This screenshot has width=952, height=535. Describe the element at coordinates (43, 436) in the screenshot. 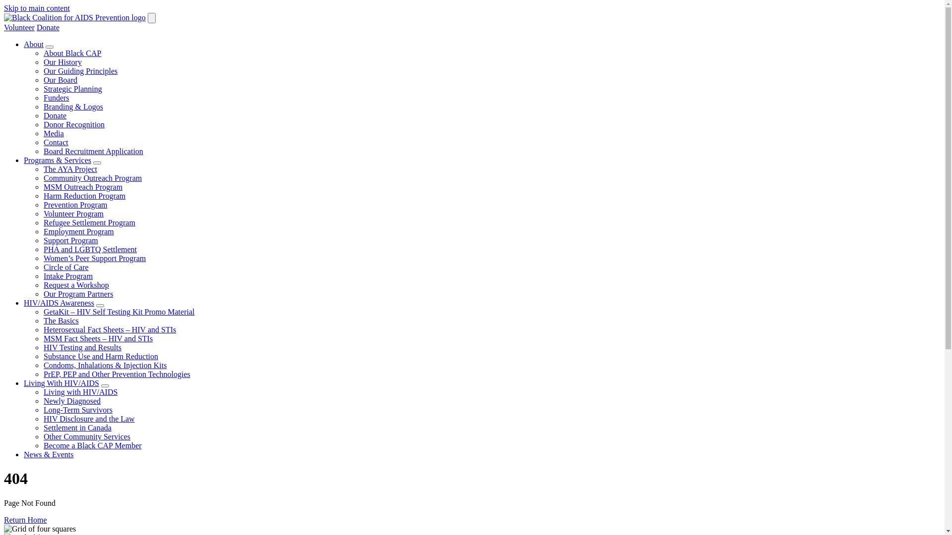

I see `'Other Community Services'` at that location.